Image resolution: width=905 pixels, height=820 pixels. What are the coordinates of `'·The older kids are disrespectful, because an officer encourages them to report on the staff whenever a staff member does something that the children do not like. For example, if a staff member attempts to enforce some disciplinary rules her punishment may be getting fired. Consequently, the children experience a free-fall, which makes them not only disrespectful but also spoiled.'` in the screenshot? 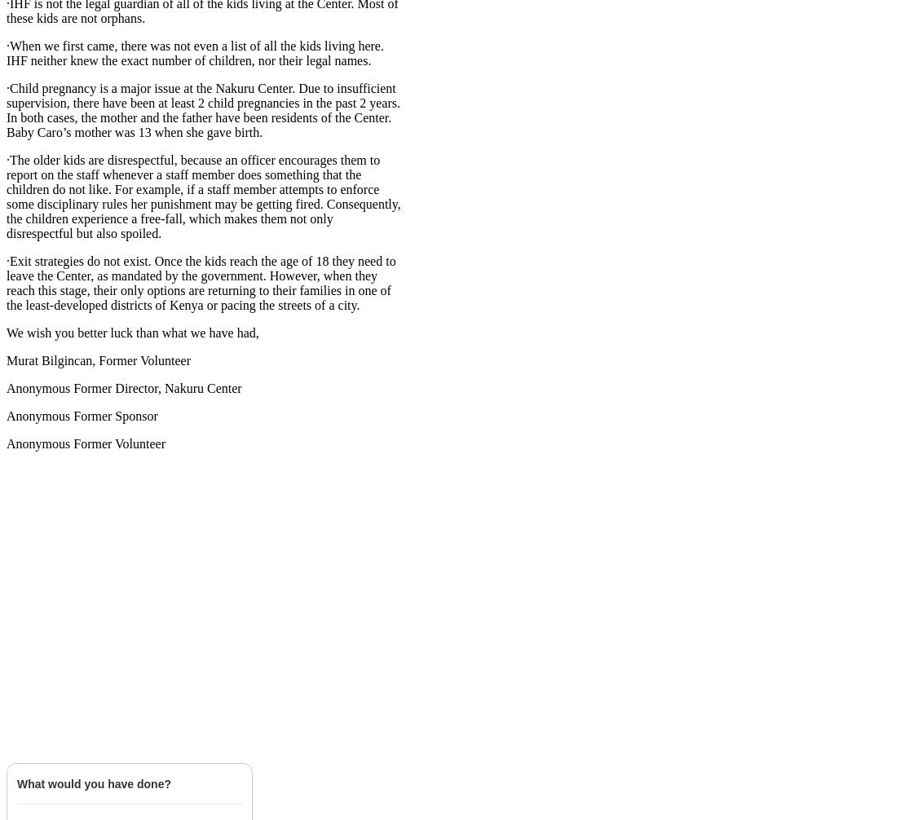 It's located at (6, 196).